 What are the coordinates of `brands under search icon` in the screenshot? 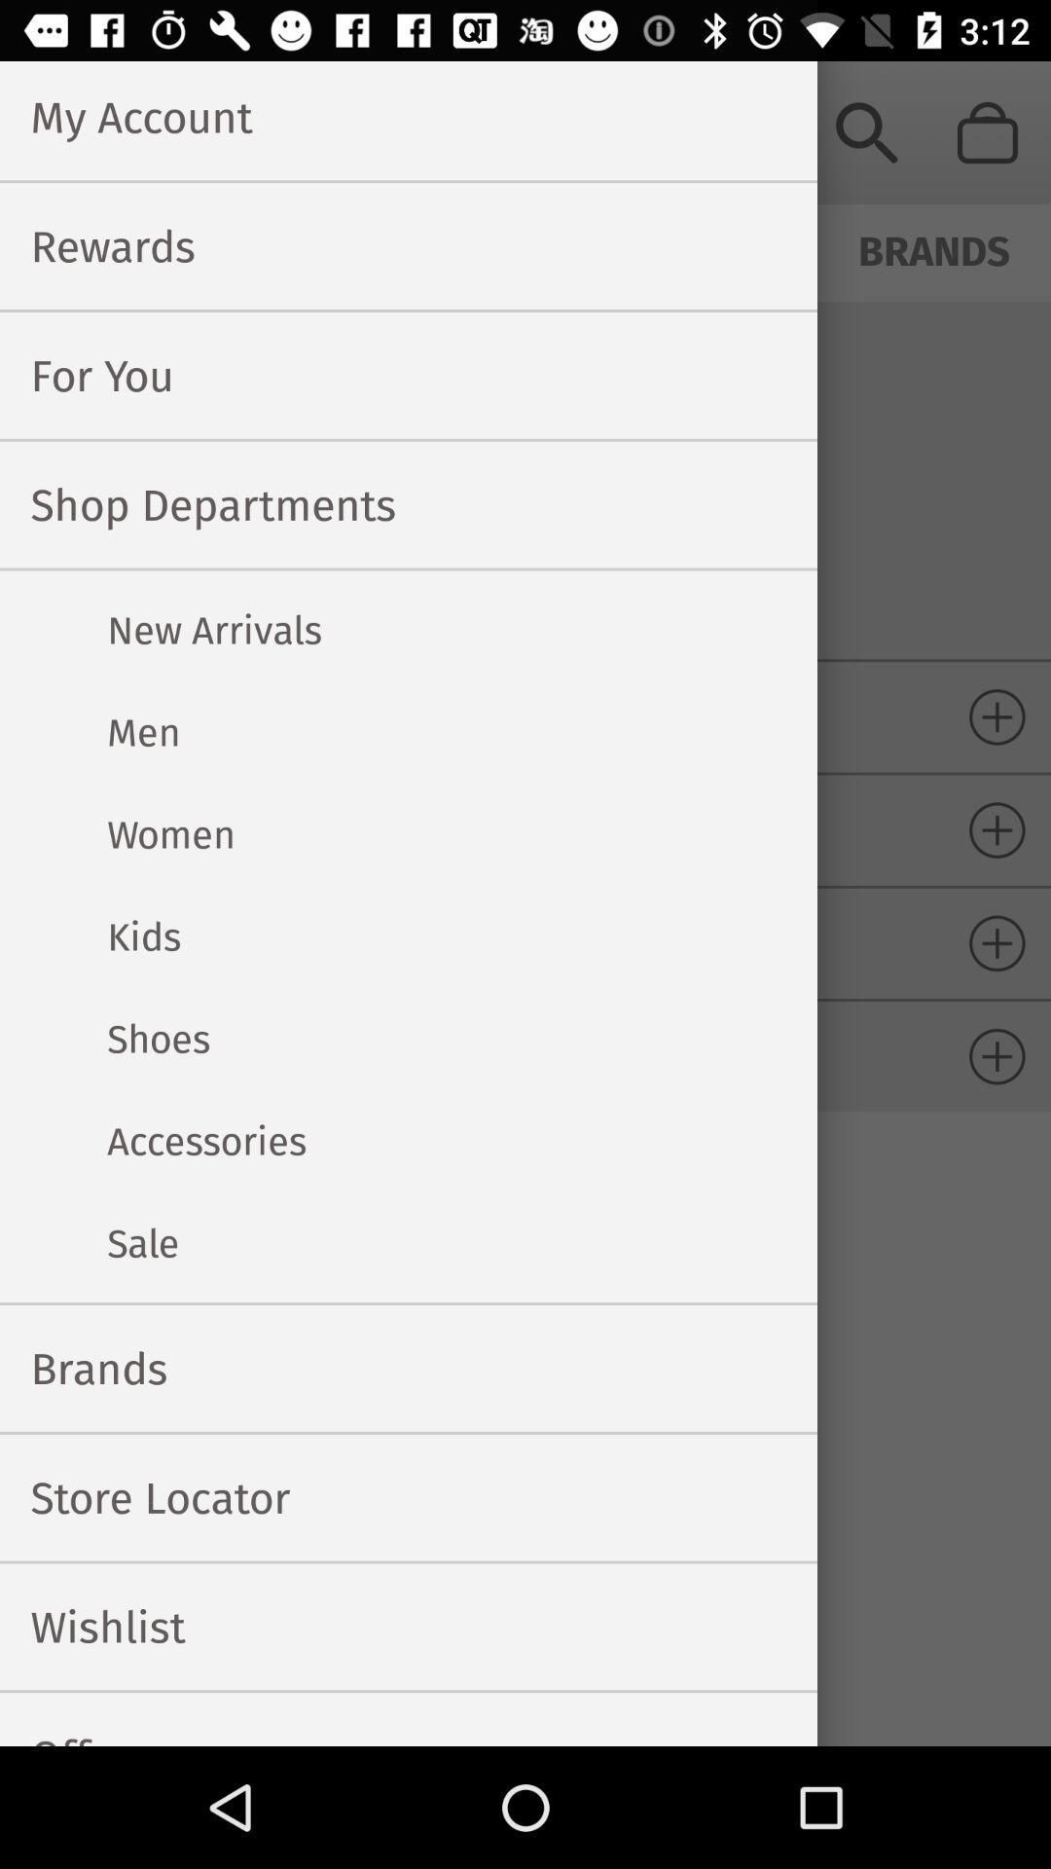 It's located at (933, 247).